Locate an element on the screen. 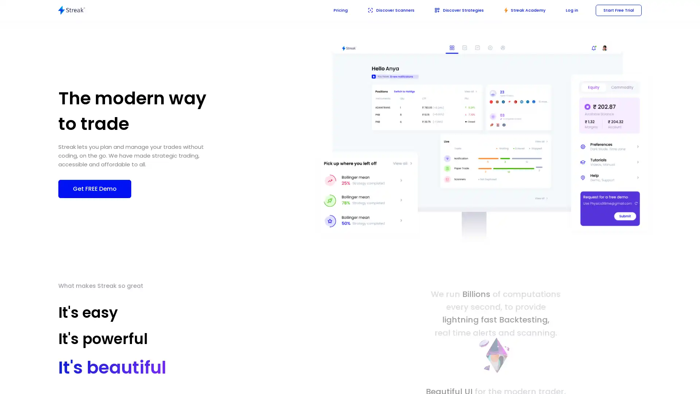 This screenshot has width=700, height=394. Start Free Trial is located at coordinates (617, 10).